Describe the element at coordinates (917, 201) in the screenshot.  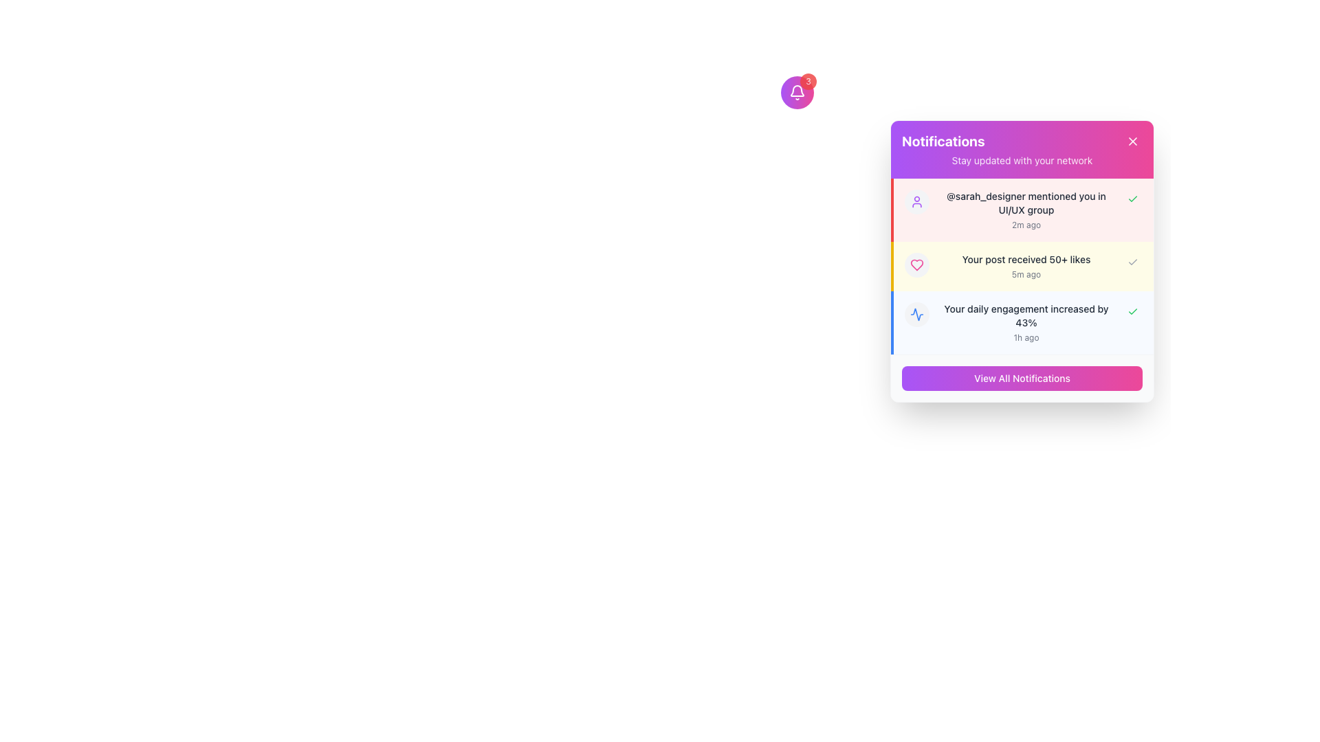
I see `the user representation icon for the notification from '@sarah_designer' located in the top-left corner of the notification row` at that location.